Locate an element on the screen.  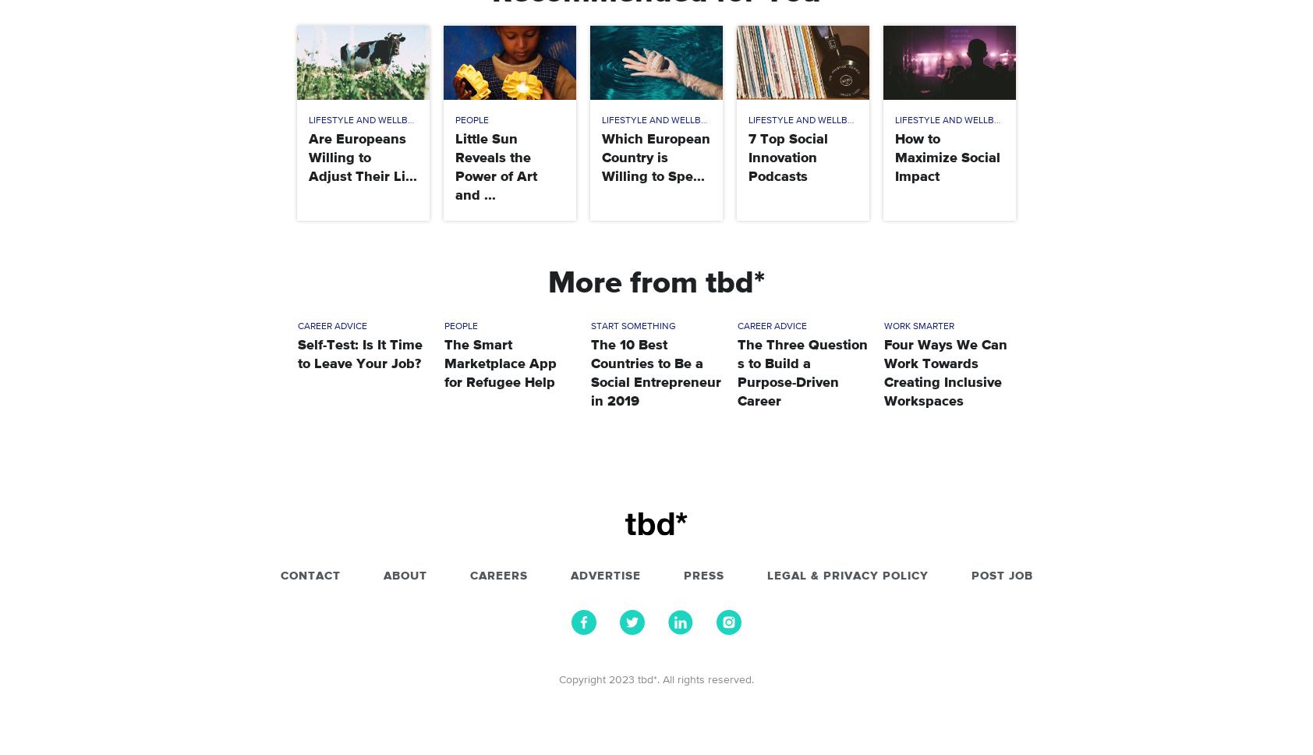
'Work Smarter' is located at coordinates (918, 327).